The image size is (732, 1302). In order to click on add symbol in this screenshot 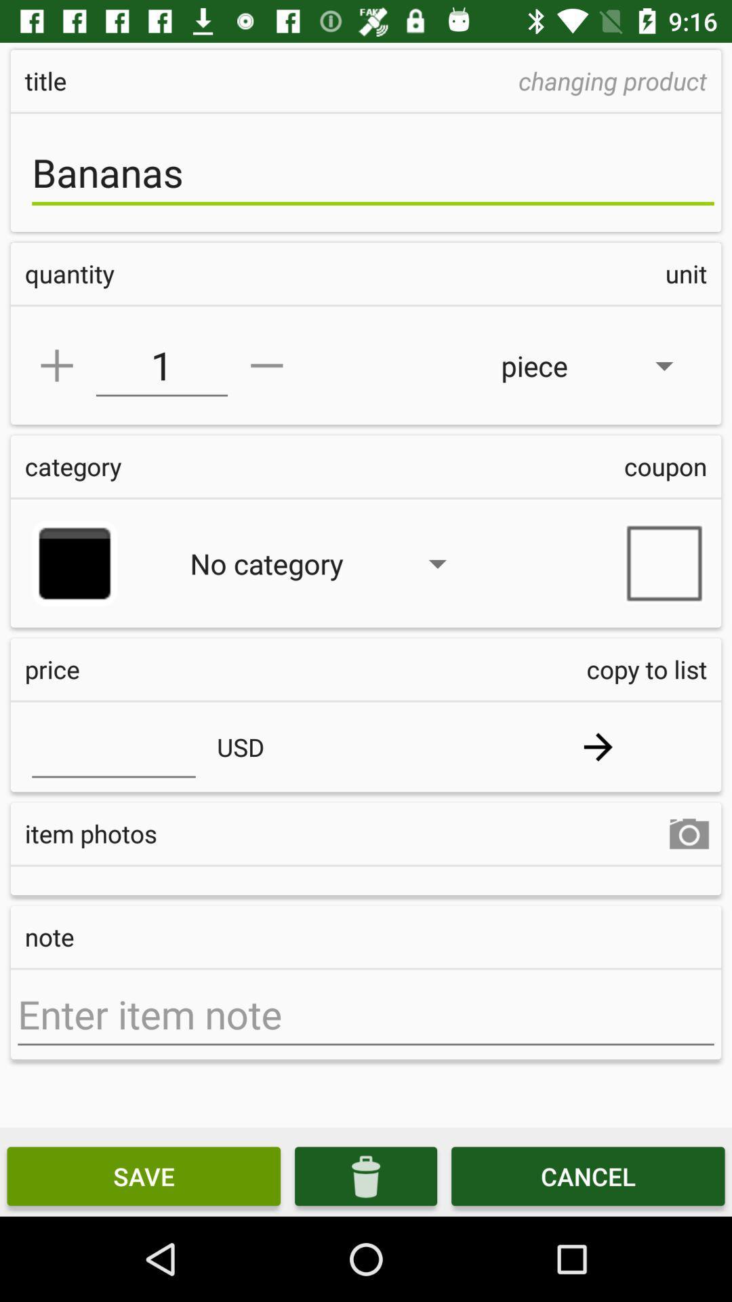, I will do `click(56, 366)`.